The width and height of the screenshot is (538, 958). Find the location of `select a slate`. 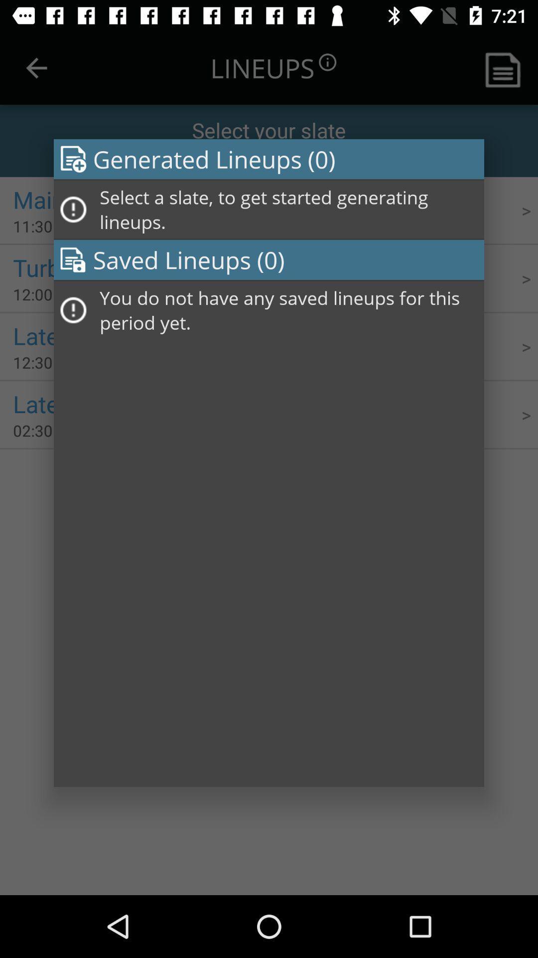

select a slate is located at coordinates (288, 209).